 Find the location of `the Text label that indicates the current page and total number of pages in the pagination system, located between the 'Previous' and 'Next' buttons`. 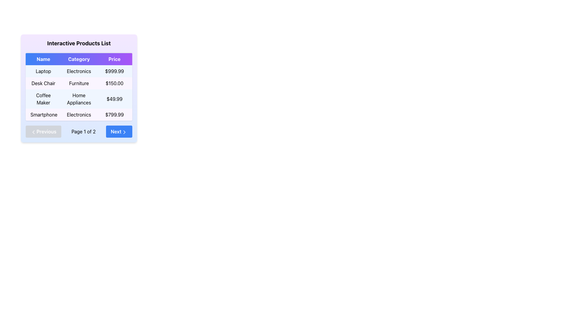

the Text label that indicates the current page and total number of pages in the pagination system, located between the 'Previous' and 'Next' buttons is located at coordinates (83, 131).